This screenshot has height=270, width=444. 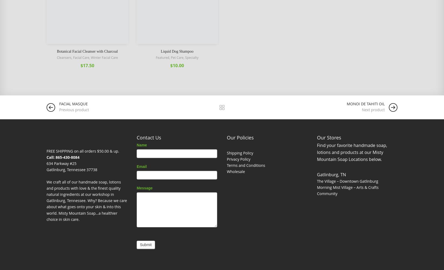 I want to click on 'Our Policies', so click(x=240, y=137).